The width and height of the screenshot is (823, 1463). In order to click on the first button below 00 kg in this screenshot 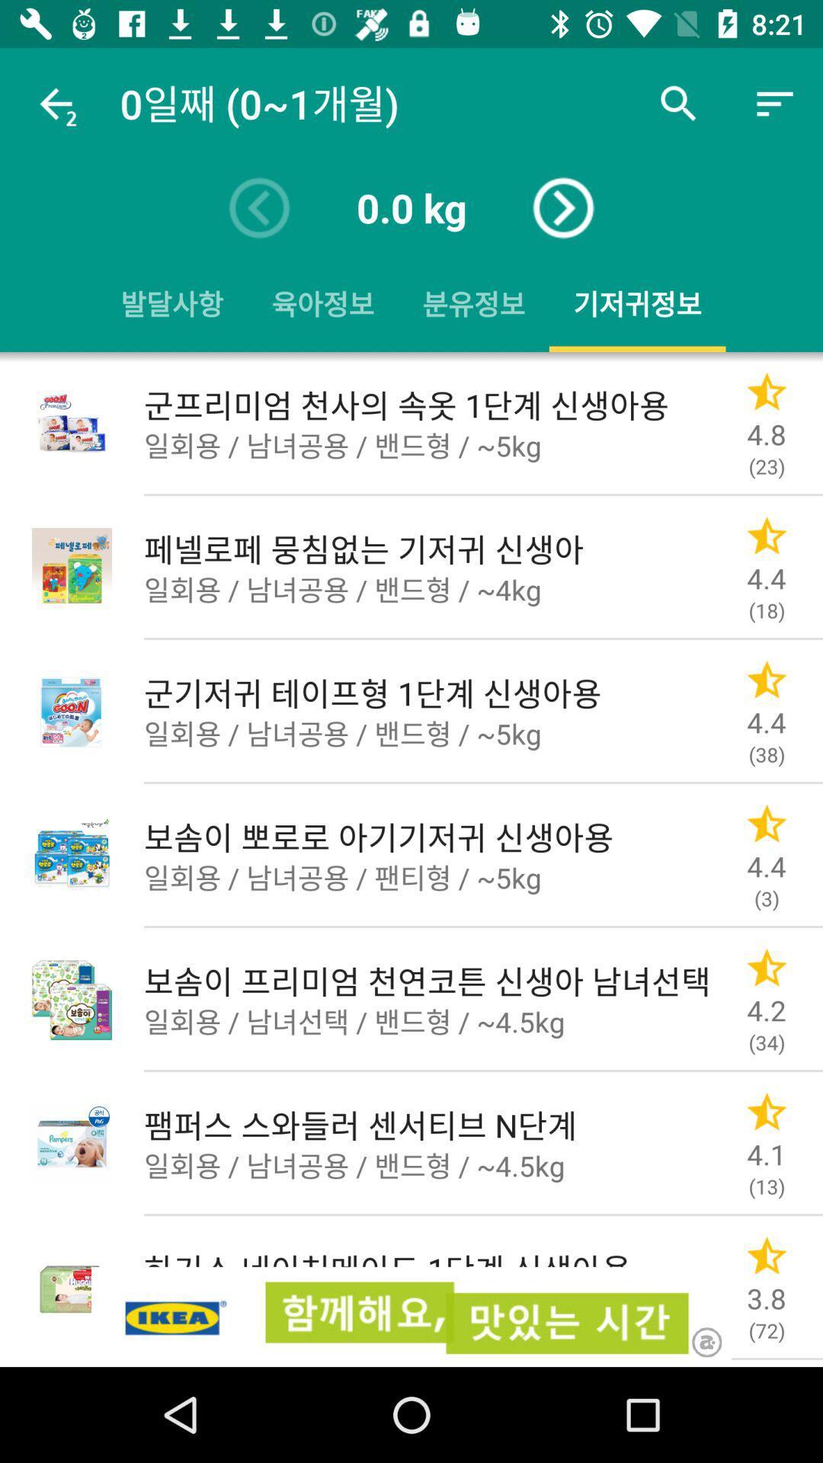, I will do `click(171, 303)`.